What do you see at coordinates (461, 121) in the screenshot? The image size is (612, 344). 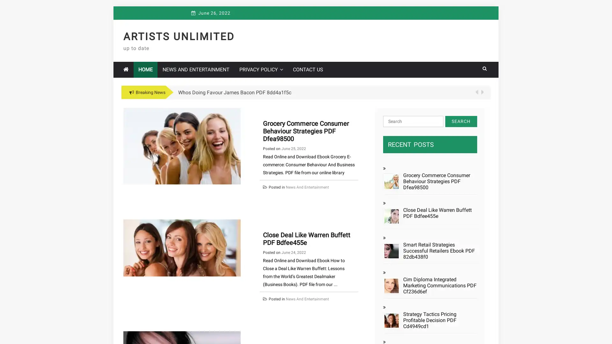 I see `Search` at bounding box center [461, 121].